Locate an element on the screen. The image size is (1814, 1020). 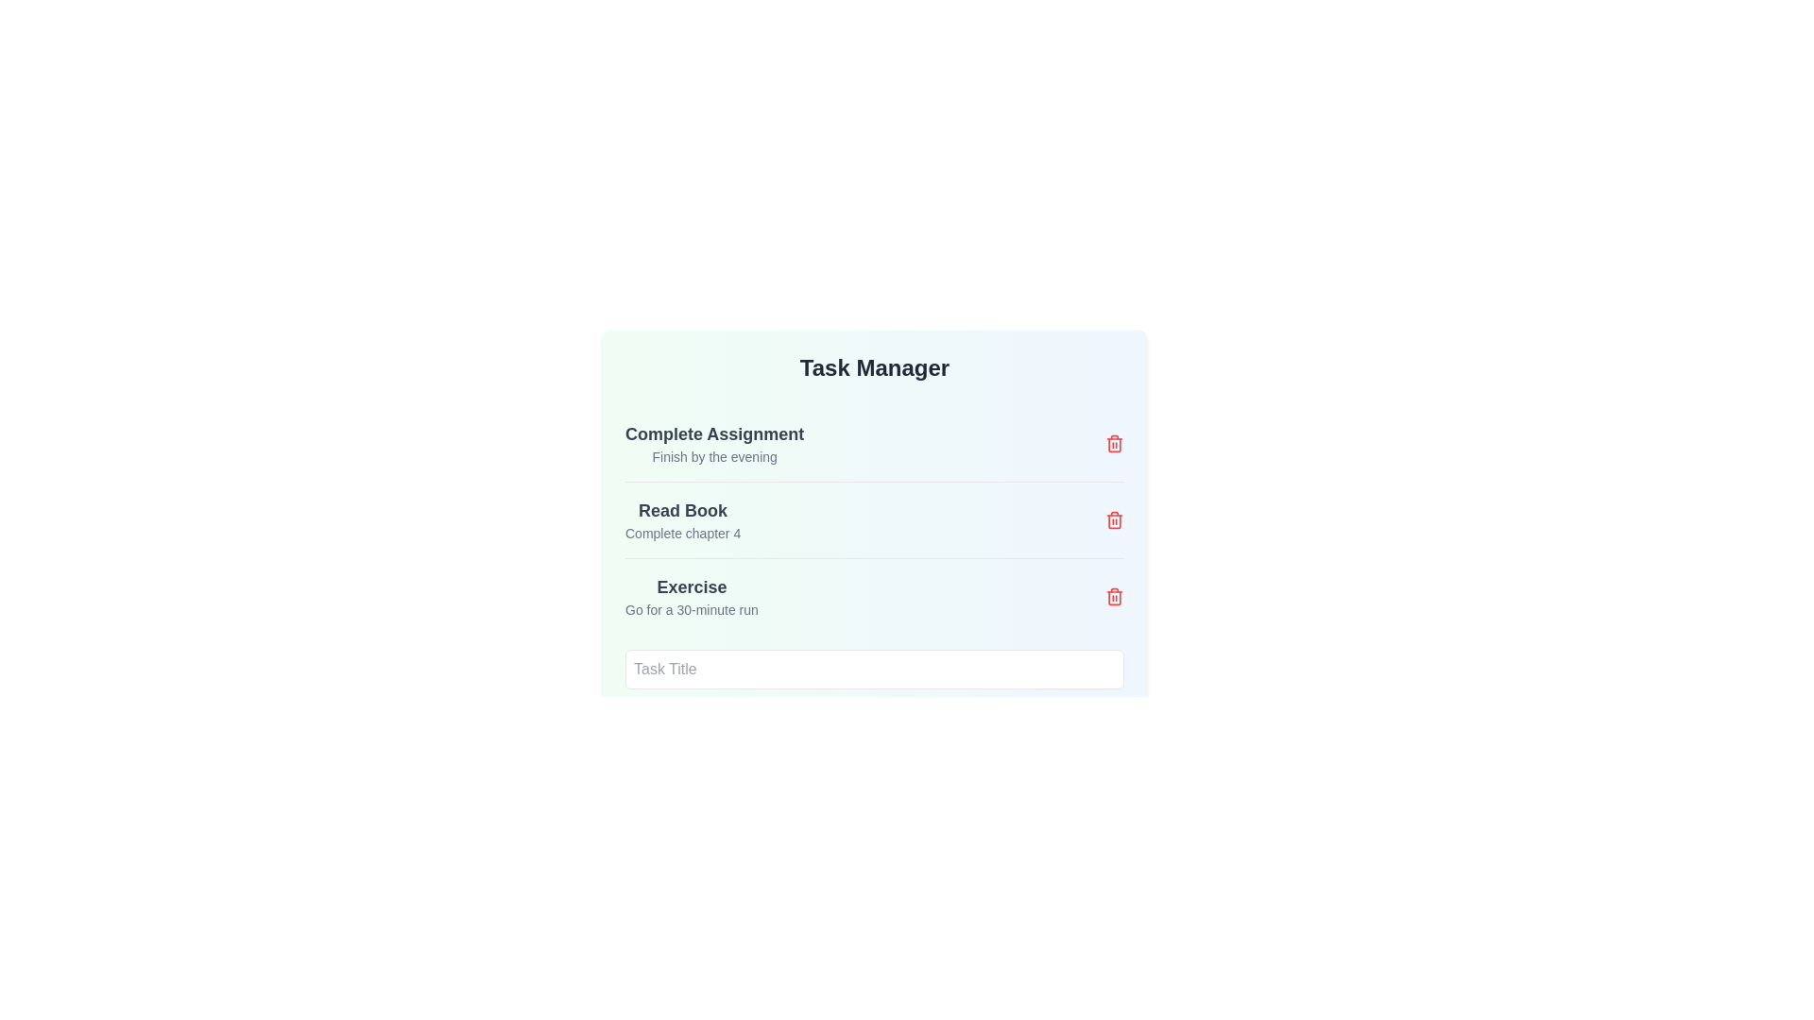
the main body of the delete icon located to the right of the 'Read Book' task description is located at coordinates (1115, 520).